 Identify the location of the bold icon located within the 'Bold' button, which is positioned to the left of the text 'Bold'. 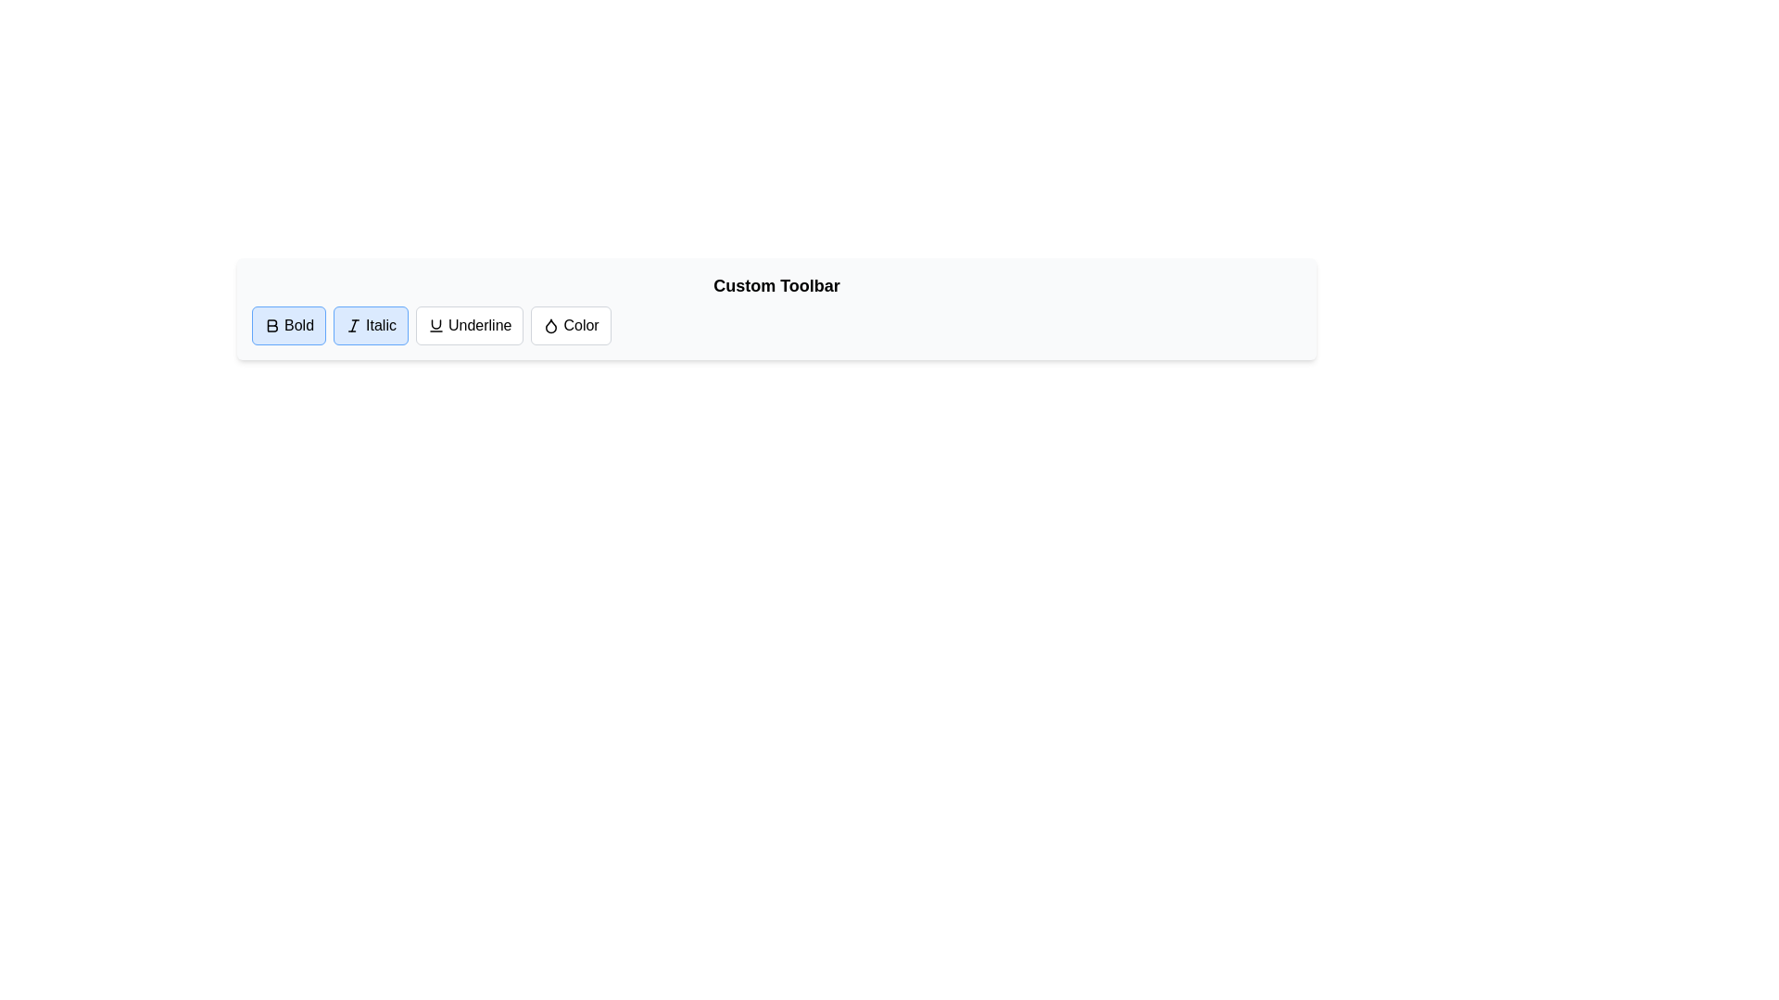
(271, 324).